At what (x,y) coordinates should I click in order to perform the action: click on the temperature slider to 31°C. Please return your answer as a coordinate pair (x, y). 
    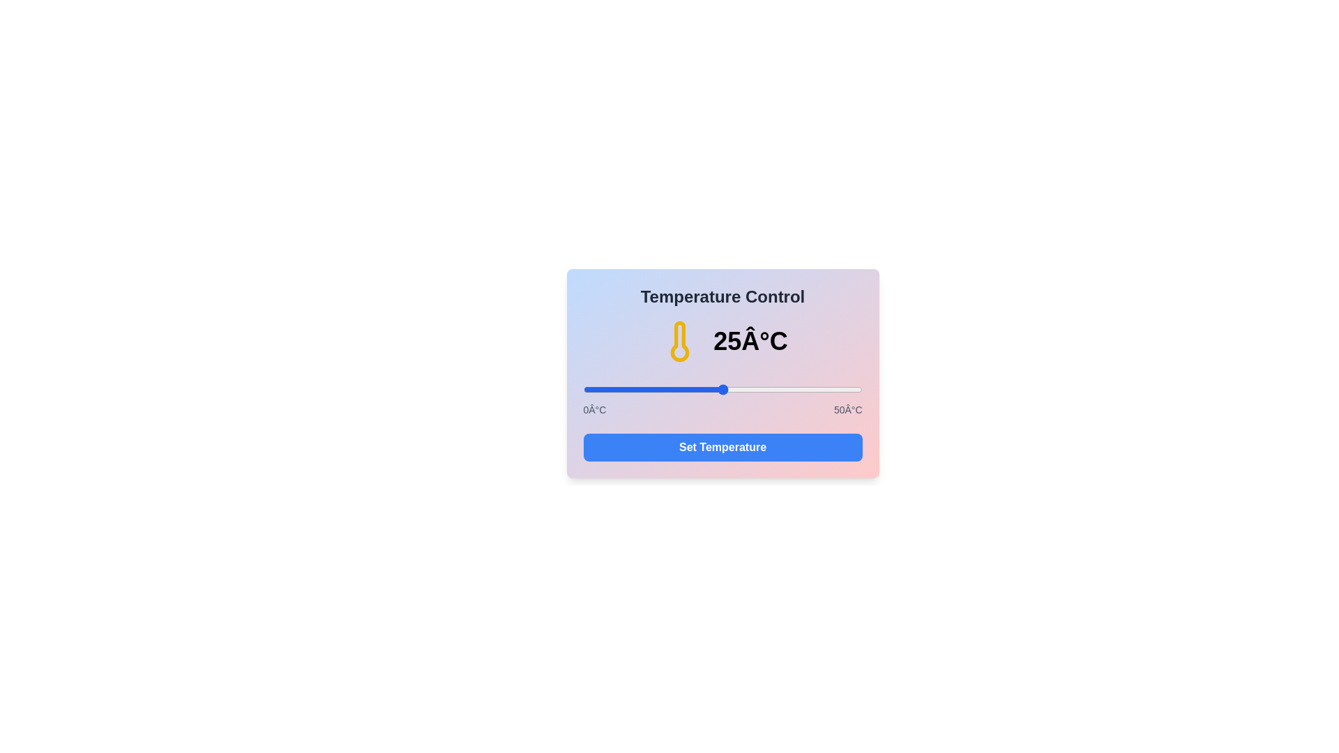
    Looking at the image, I should click on (755, 390).